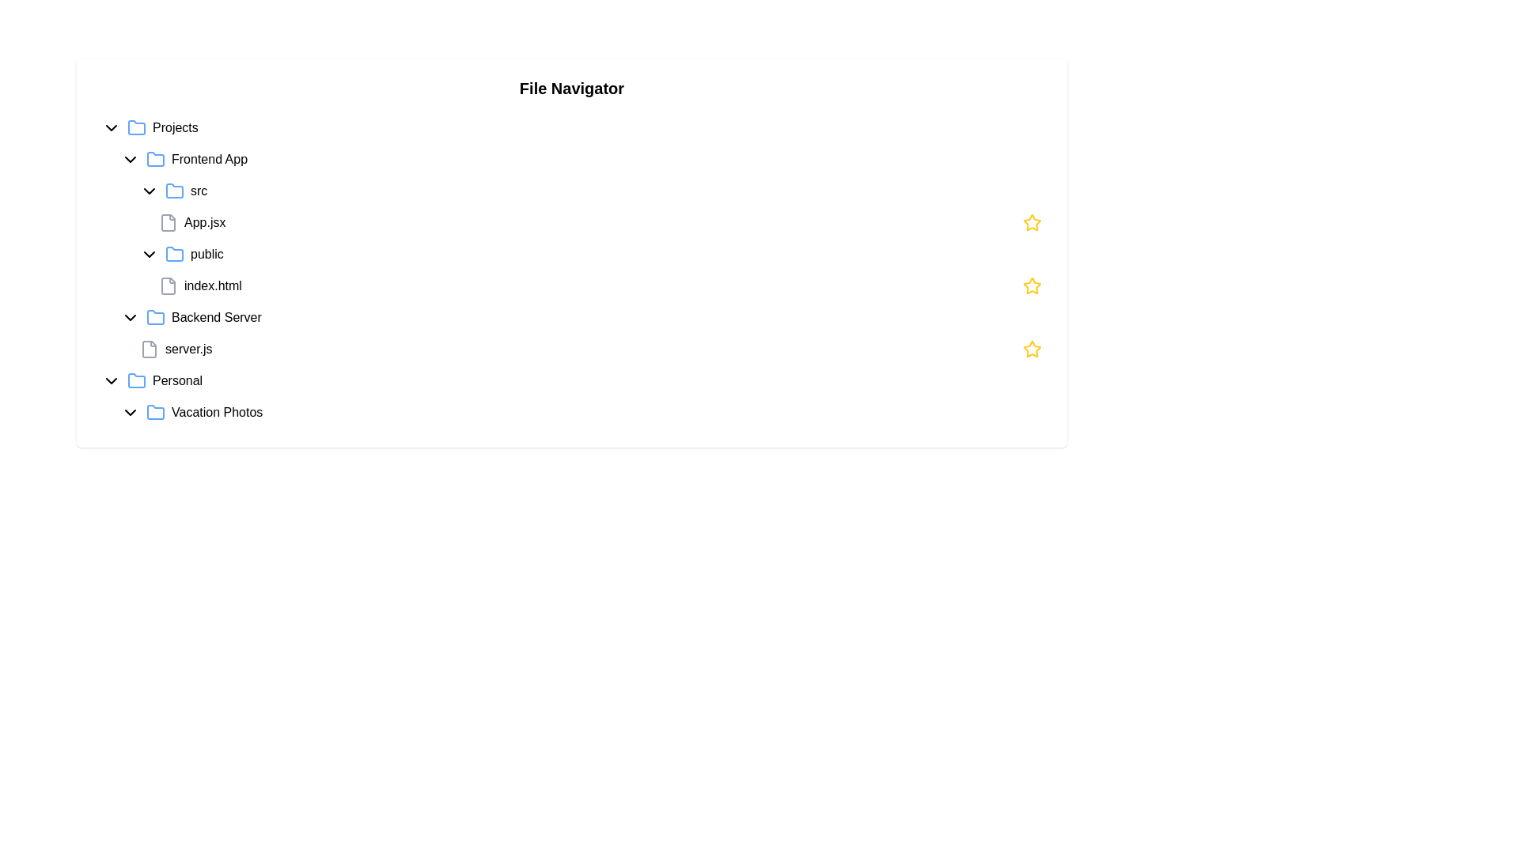 The image size is (1519, 854). What do you see at coordinates (168, 222) in the screenshot?
I see `the light gray file icon representing 'App.jsx'` at bounding box center [168, 222].